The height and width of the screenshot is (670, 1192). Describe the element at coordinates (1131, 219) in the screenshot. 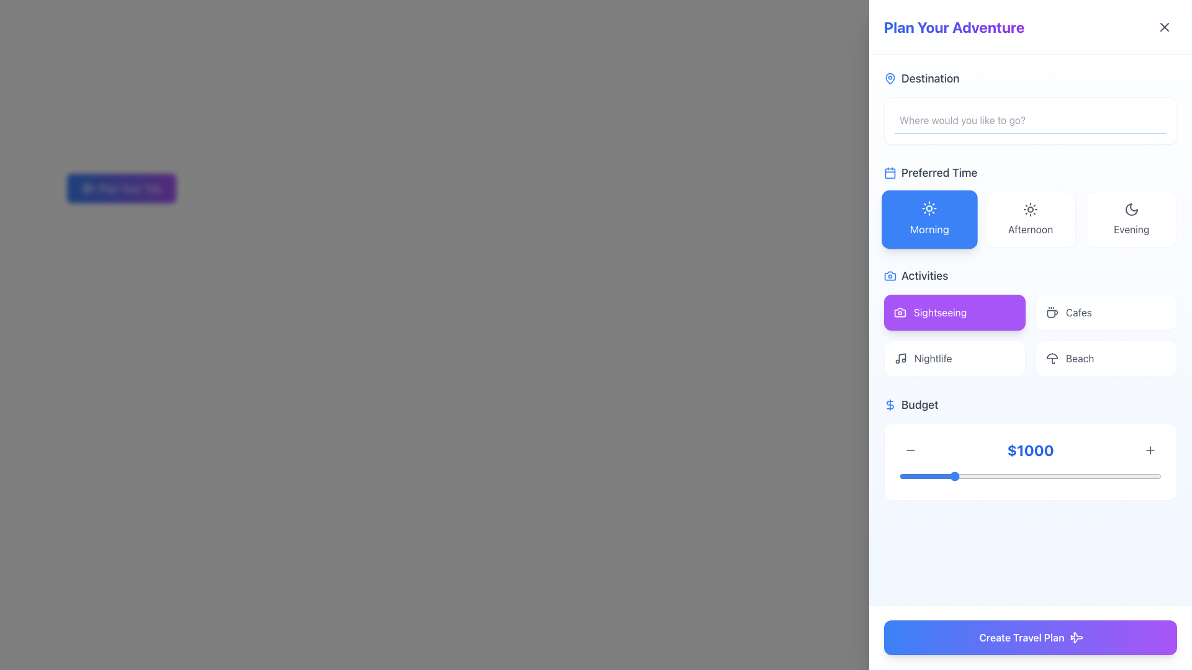

I see `the 'Evening' button, which is a rectangular button with rounded corners, featuring a moon icon and gray text, located under the 'Preferred Time' section` at that location.